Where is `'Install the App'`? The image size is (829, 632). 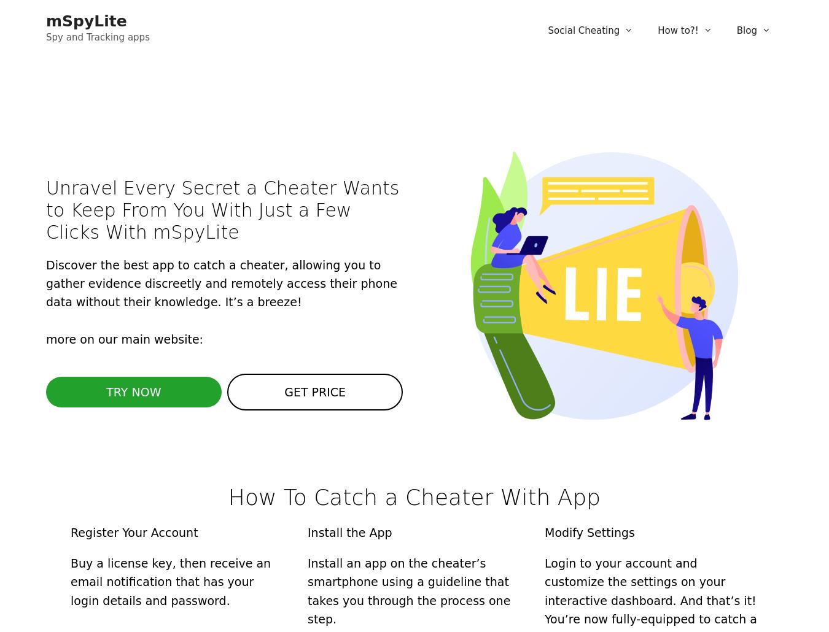 'Install the App' is located at coordinates (349, 531).